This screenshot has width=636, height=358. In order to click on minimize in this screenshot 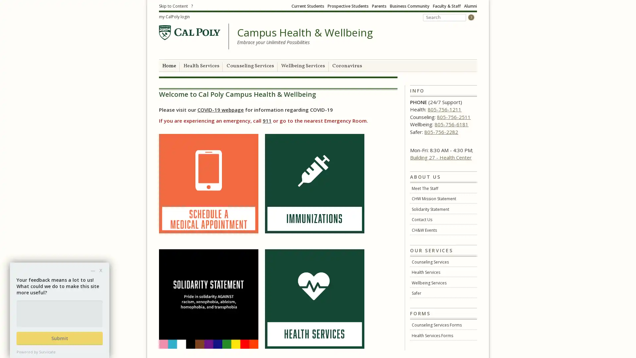, I will do `click(92, 270)`.